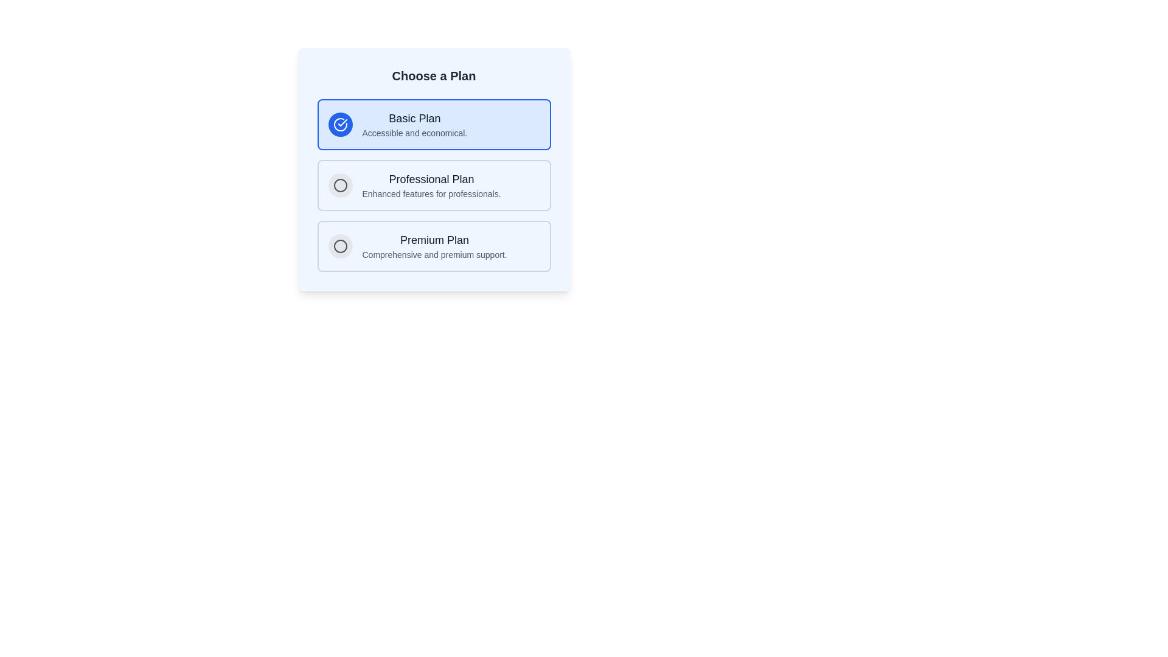 This screenshot has height=657, width=1168. What do you see at coordinates (340, 246) in the screenshot?
I see `the first circular icon with a white circle and gray outline located in the top-left corner of the 'Basic Plan' option on the 'Choose a Plan' page` at bounding box center [340, 246].